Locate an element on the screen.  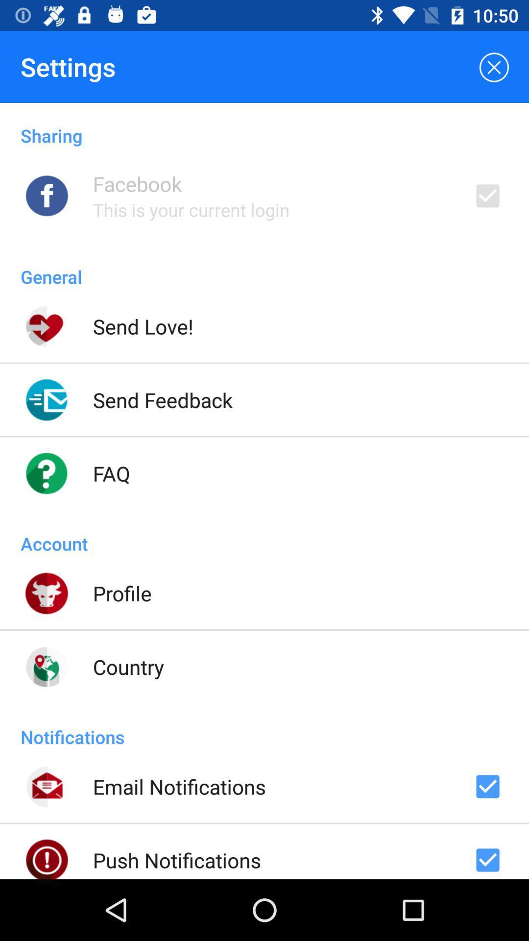
icon above the general icon is located at coordinates (191, 209).